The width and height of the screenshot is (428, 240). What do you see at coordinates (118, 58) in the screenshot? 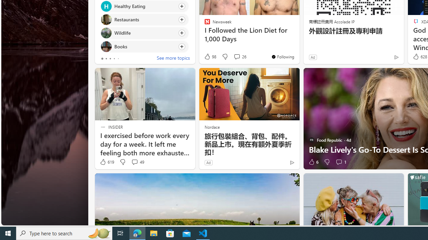
I see `'tab-4'` at bounding box center [118, 58].